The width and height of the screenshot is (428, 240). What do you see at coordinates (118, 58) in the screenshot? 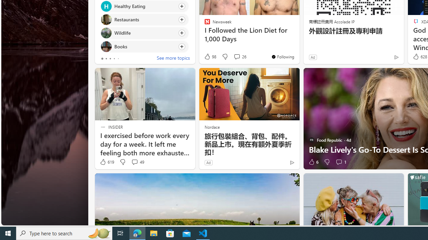
I see `'tab-4'` at bounding box center [118, 58].